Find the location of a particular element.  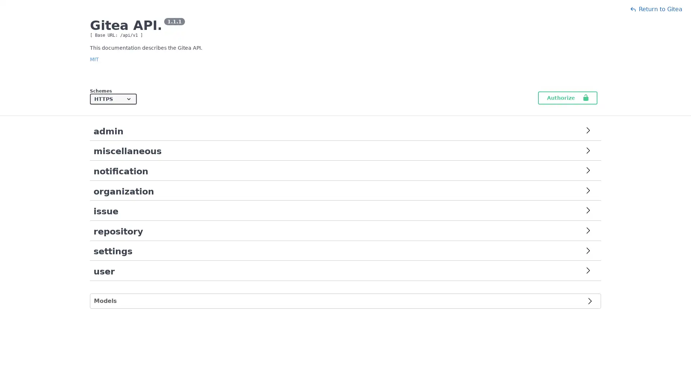

Expand operation is located at coordinates (588, 211).